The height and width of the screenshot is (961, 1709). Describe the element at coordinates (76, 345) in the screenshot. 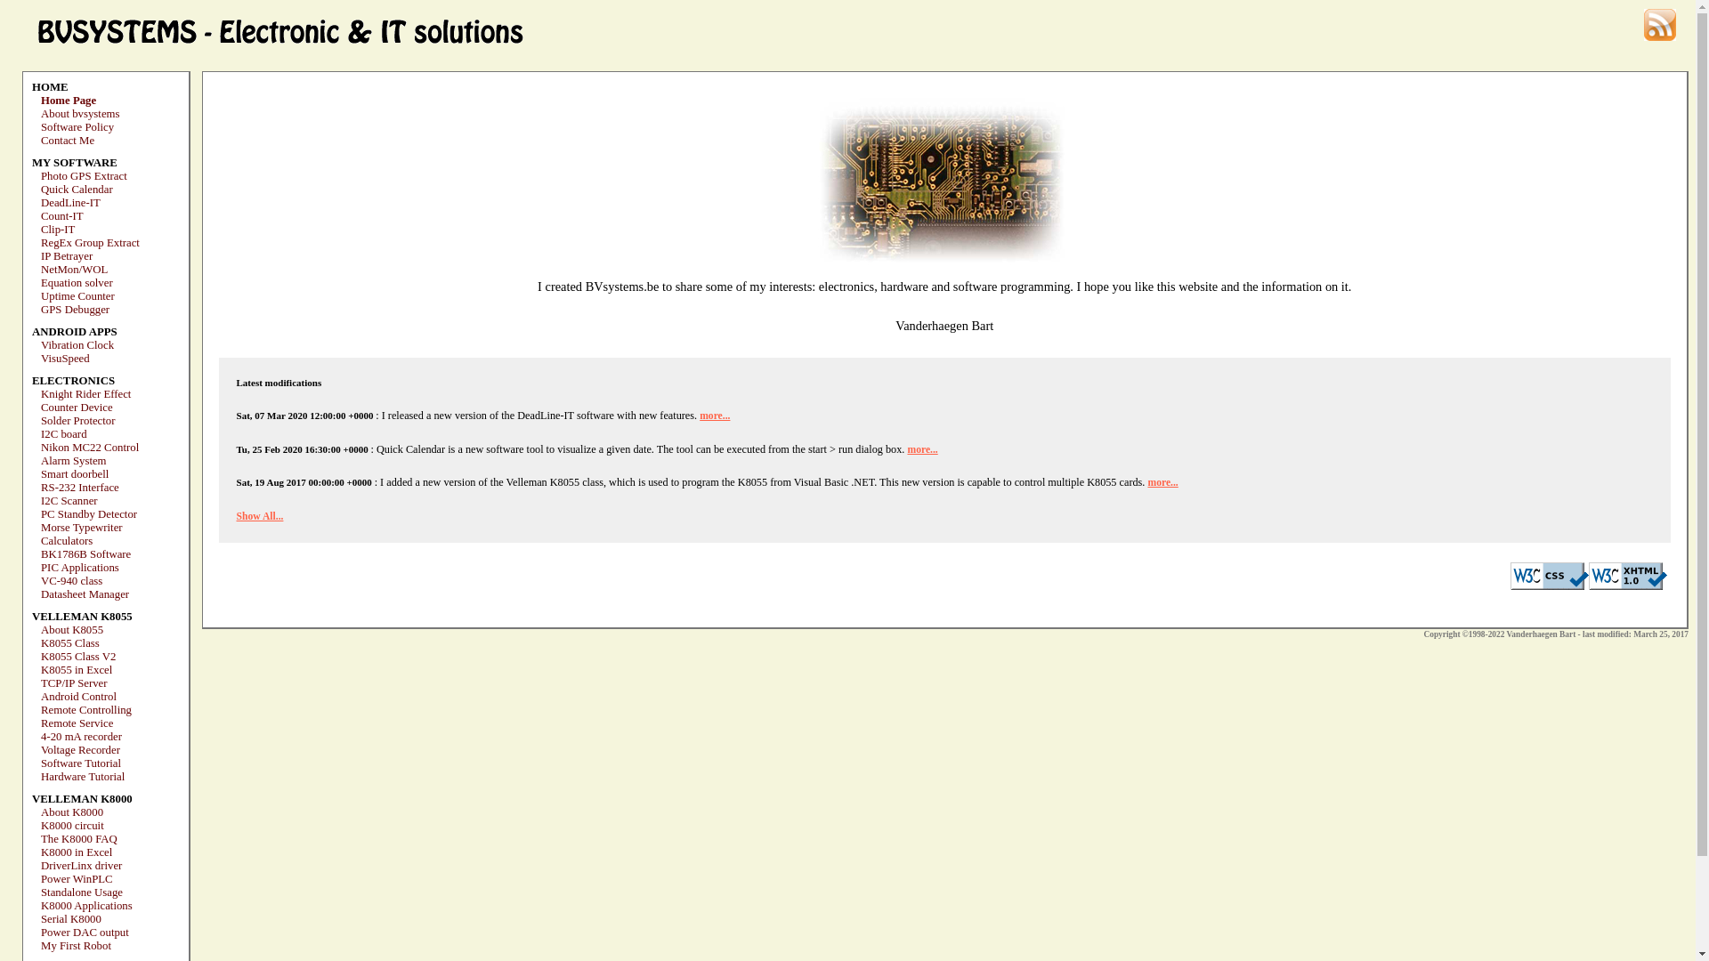

I see `'Vibration Clock'` at that location.